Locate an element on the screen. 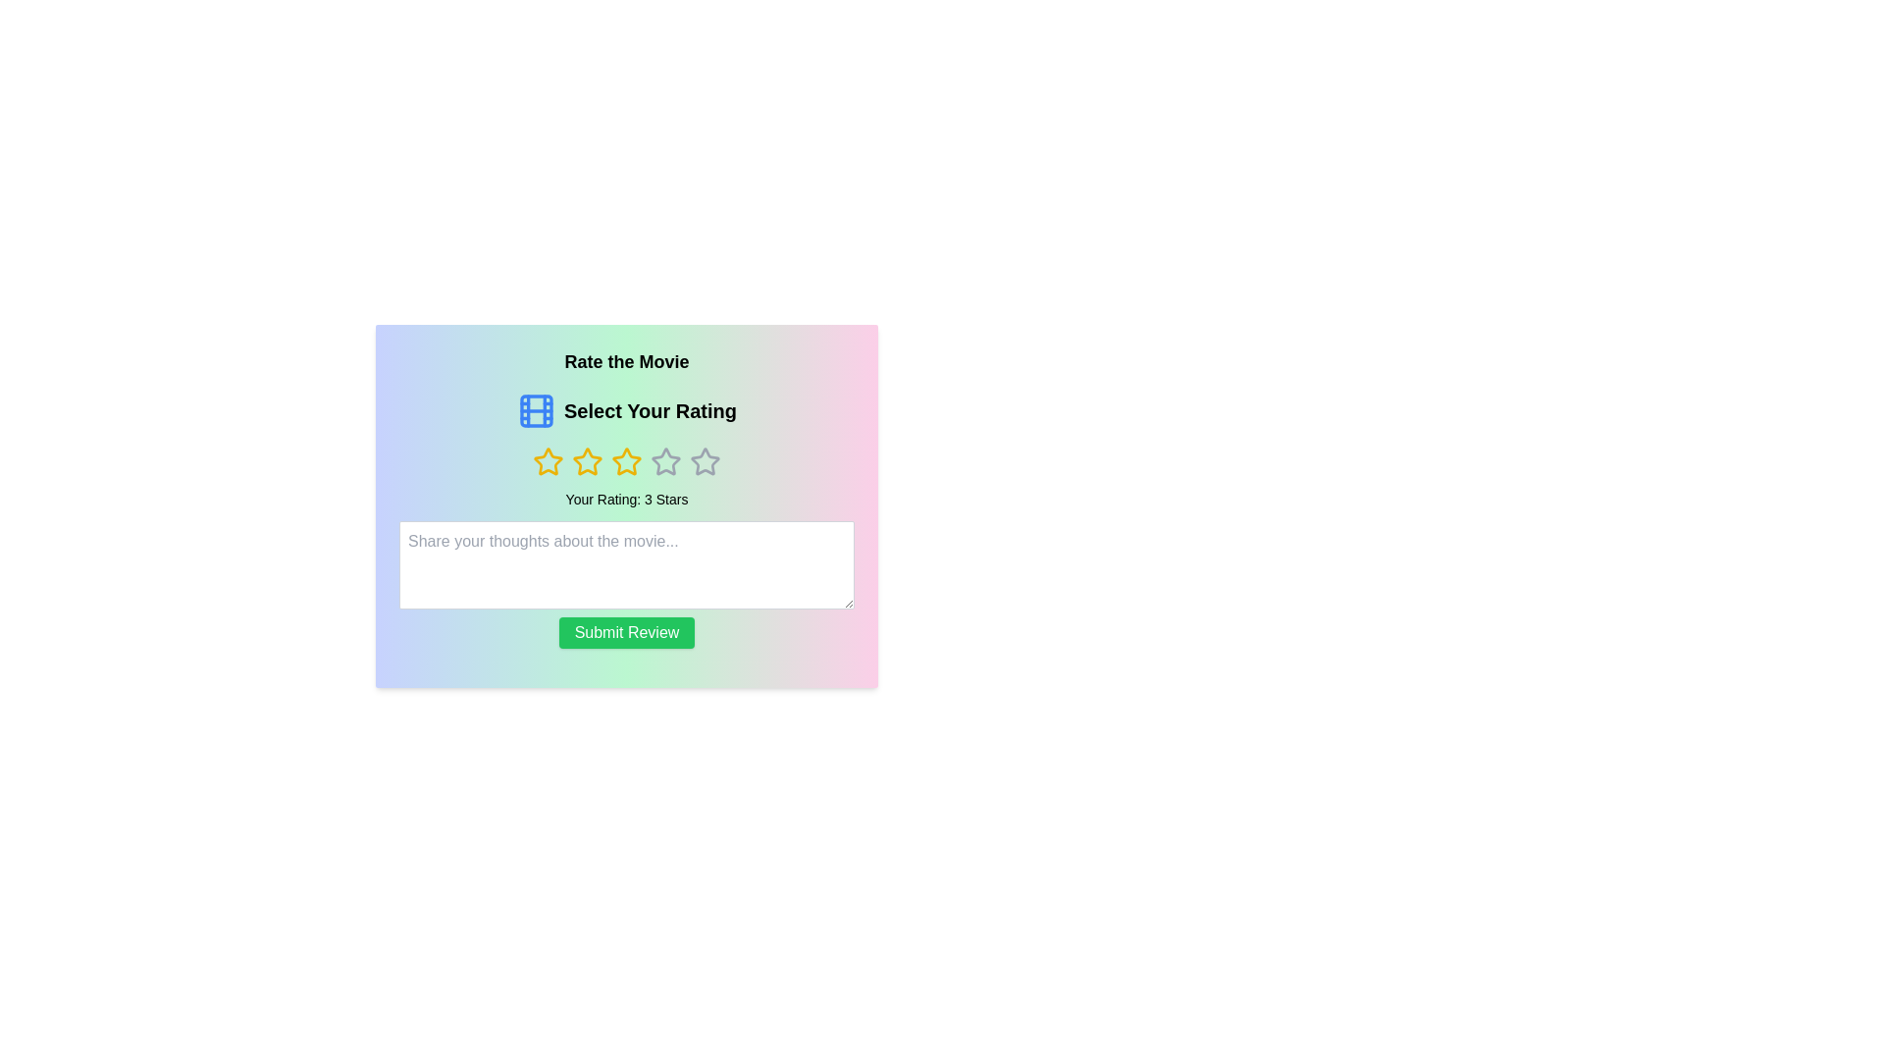 Image resolution: width=1884 pixels, height=1060 pixels. the central light blue rectangle with rounded corners within the SVG film strip design, located near the text 'Select Your Rating.' is located at coordinates (537, 410).